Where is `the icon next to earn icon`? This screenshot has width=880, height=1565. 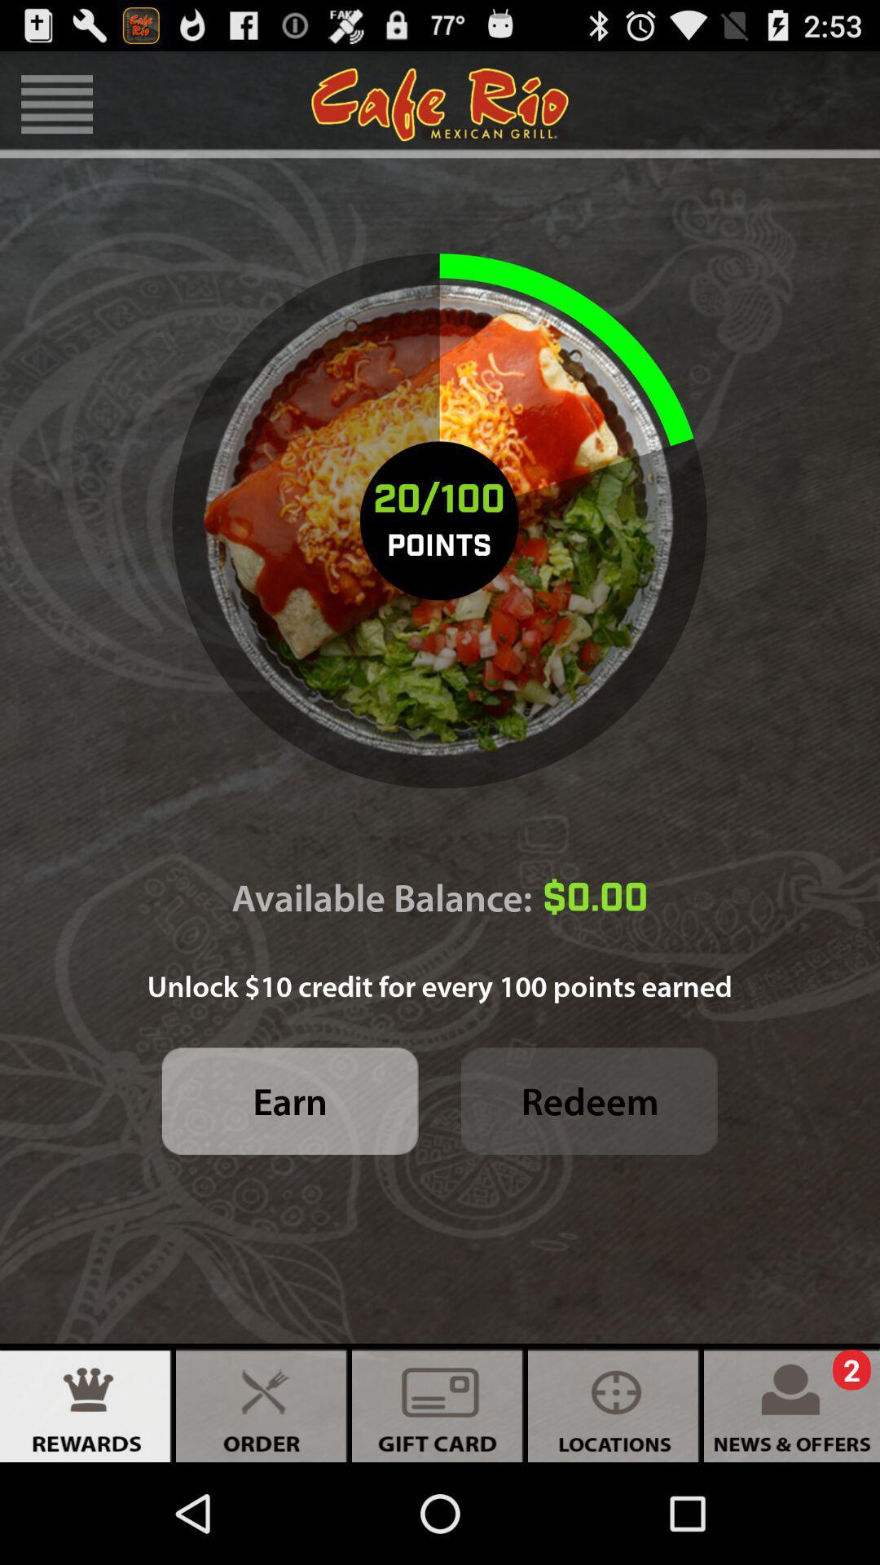
the icon next to earn icon is located at coordinates (589, 1101).